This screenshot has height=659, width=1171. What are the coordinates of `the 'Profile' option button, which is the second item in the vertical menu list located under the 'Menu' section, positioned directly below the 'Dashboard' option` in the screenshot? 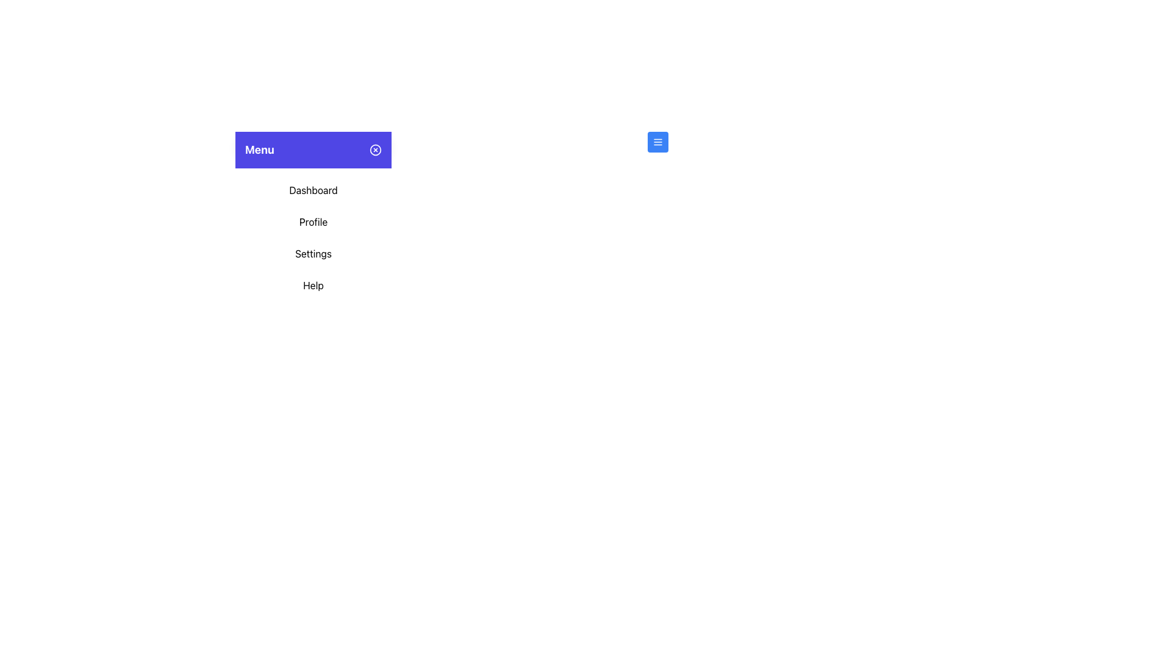 It's located at (313, 221).